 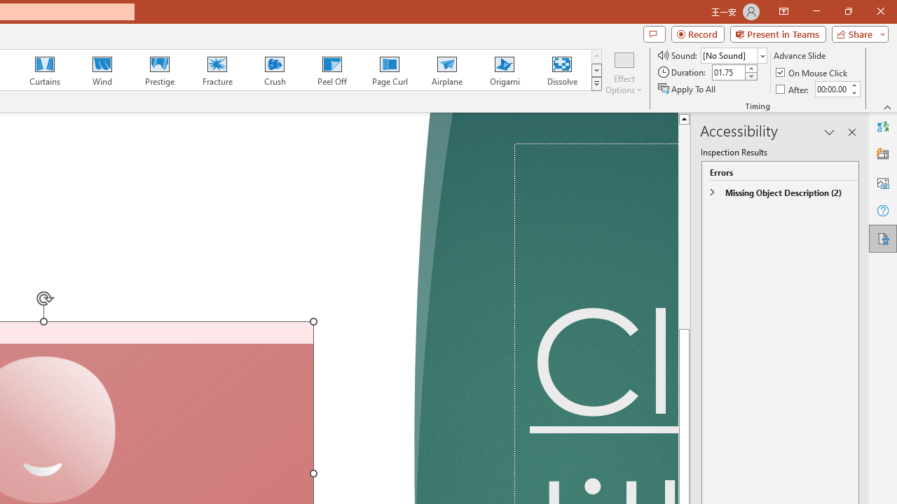 I want to click on 'Help', so click(x=882, y=210).